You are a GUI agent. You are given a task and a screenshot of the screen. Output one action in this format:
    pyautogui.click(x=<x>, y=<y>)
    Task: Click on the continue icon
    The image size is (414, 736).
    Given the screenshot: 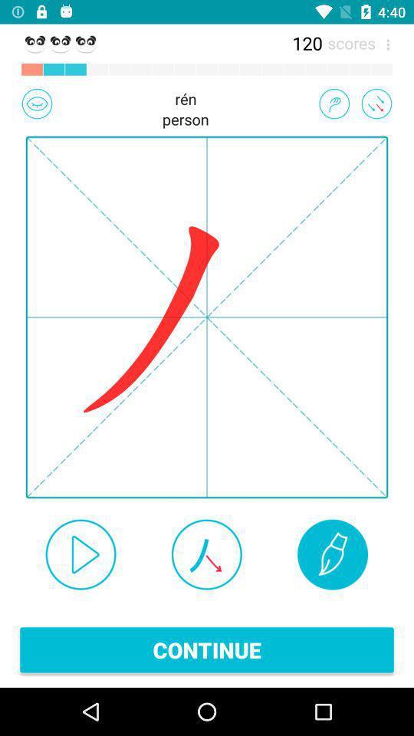 What is the action you would take?
    pyautogui.click(x=207, y=649)
    